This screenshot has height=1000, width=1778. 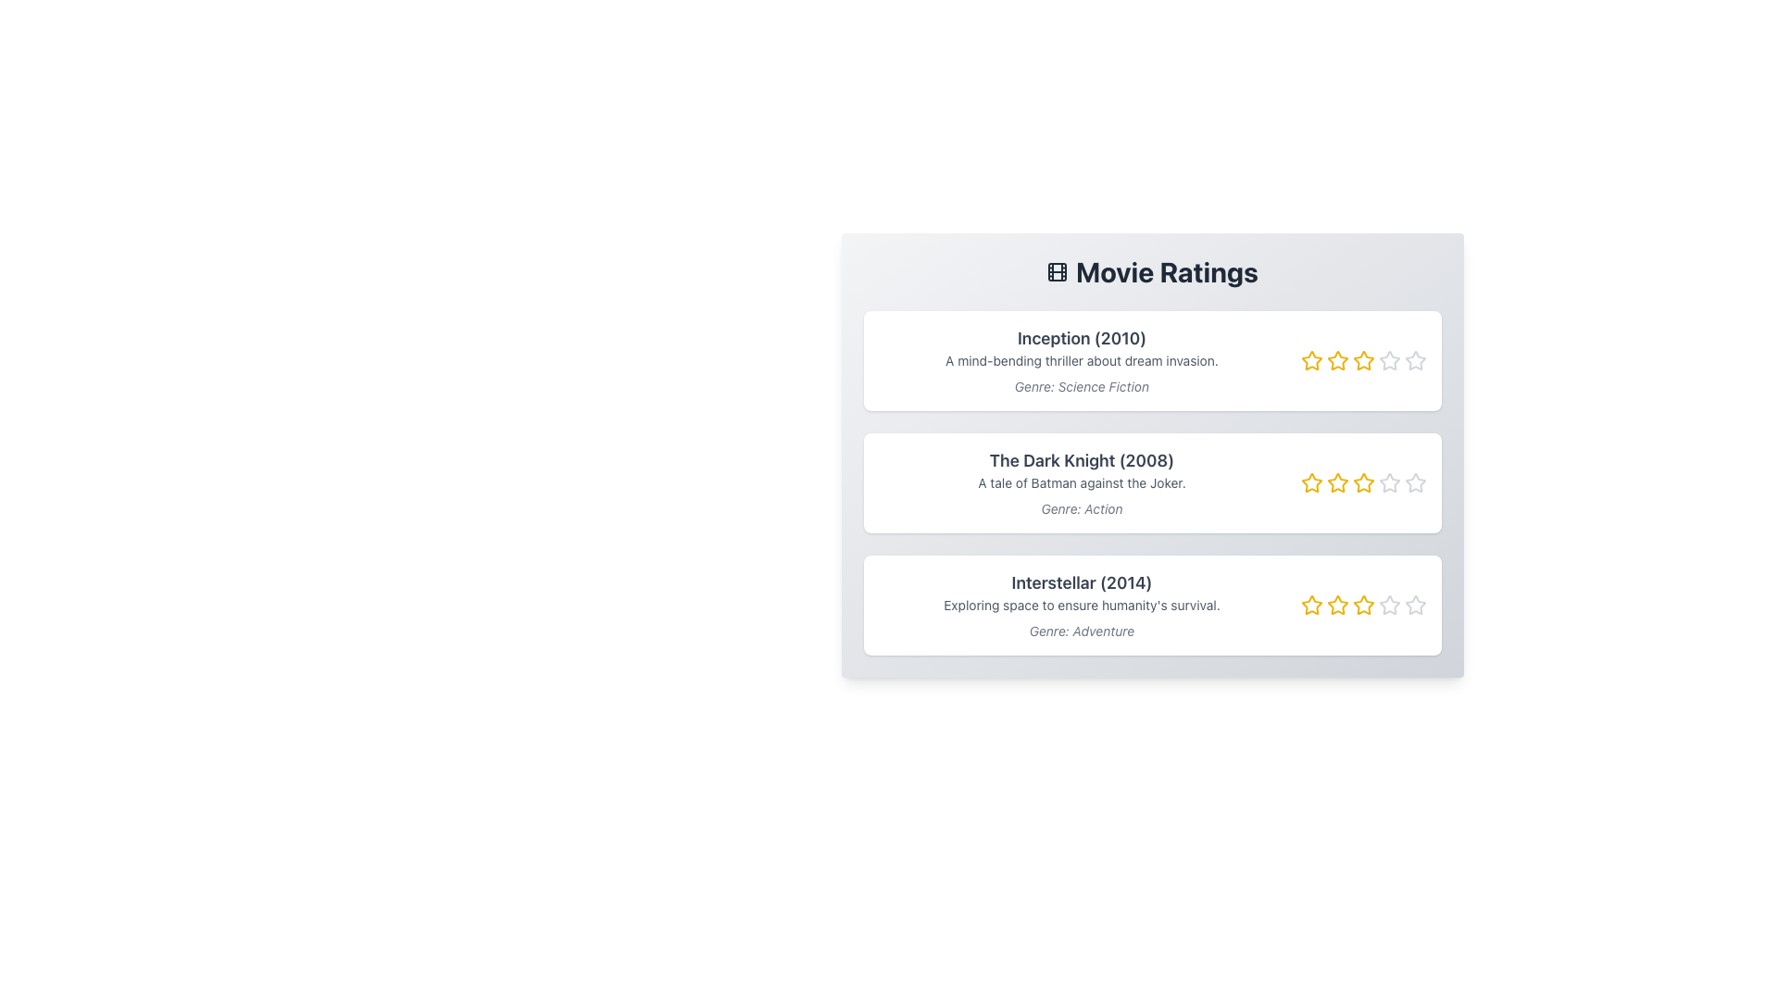 I want to click on the informational text element located at the bottom of the information block for 'Interstellar (2014)', which is below the description and to the left of the rating stars, so click(x=1082, y=631).